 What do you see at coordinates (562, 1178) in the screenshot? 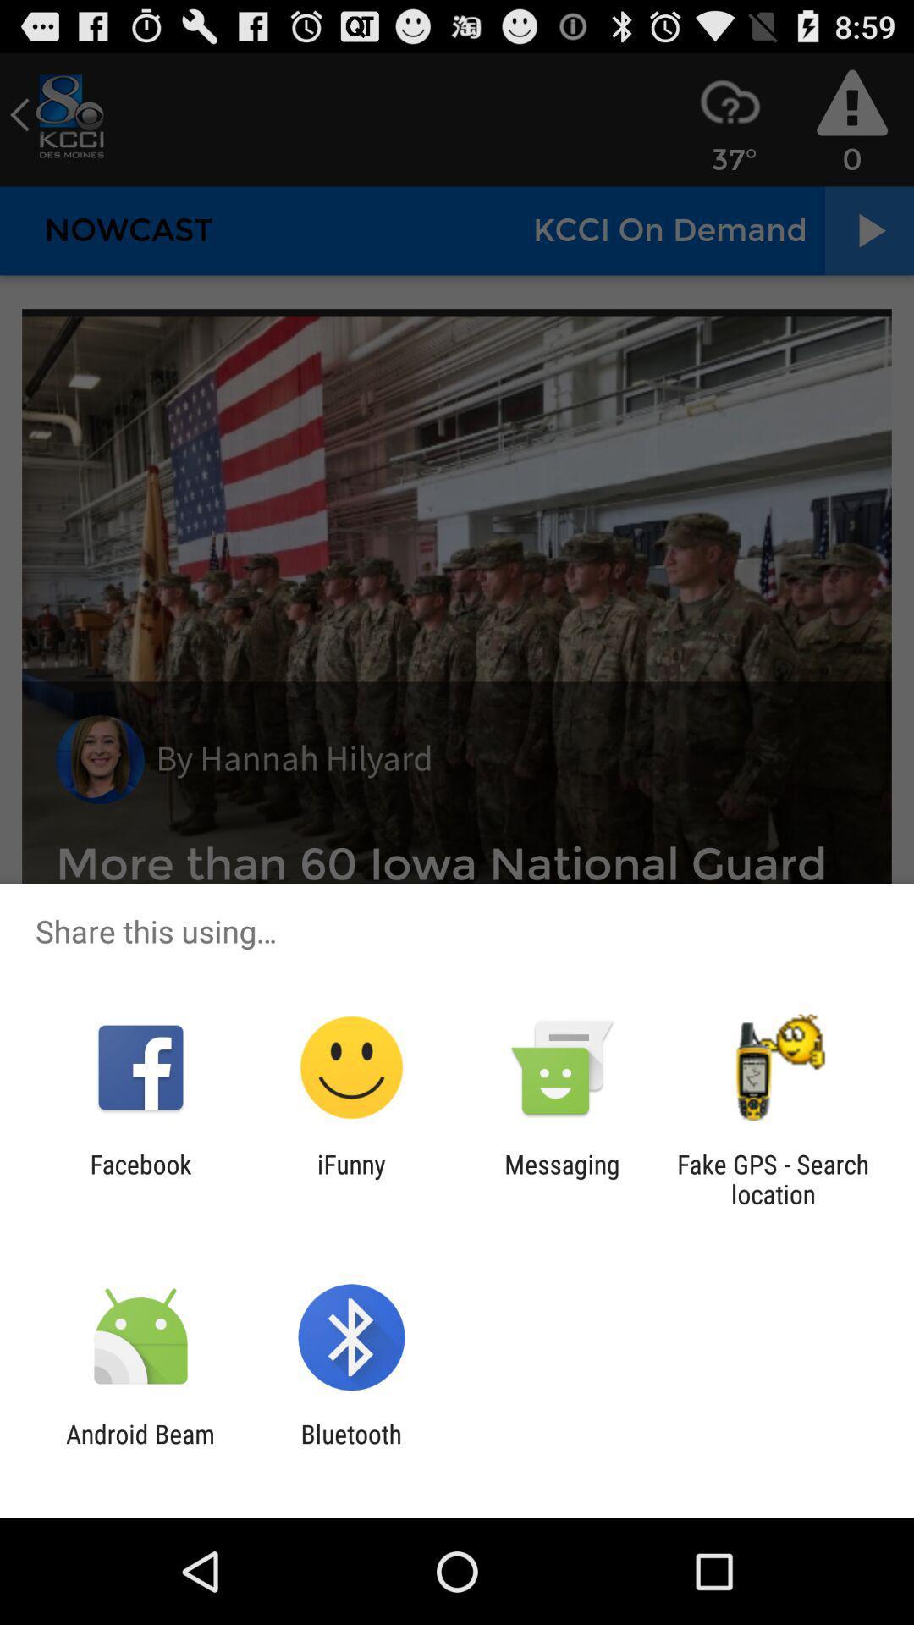
I see `the messaging app` at bounding box center [562, 1178].